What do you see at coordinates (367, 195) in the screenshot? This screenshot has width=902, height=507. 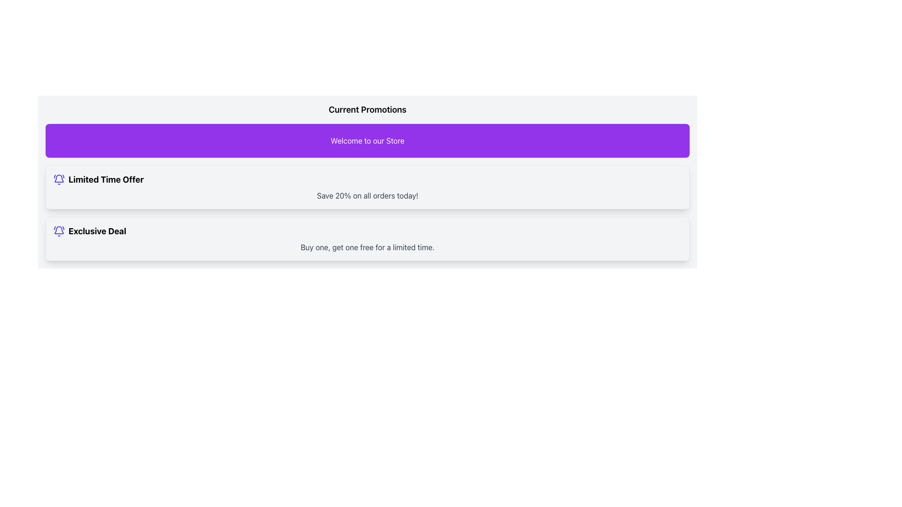 I see `promotional offer details from the text stating 'Save 20% on all orders today!' which is centrally aligned and located within the card below the heading 'Limited Time Offer'` at bounding box center [367, 195].